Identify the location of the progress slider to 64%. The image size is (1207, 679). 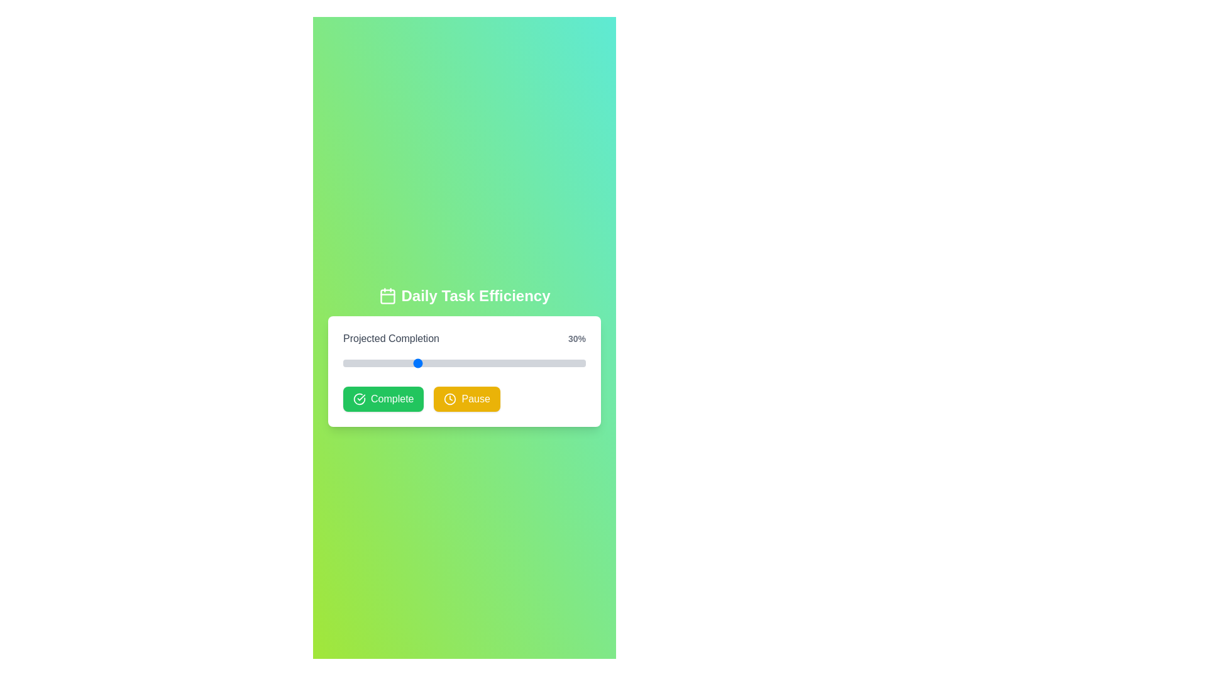
(497, 363).